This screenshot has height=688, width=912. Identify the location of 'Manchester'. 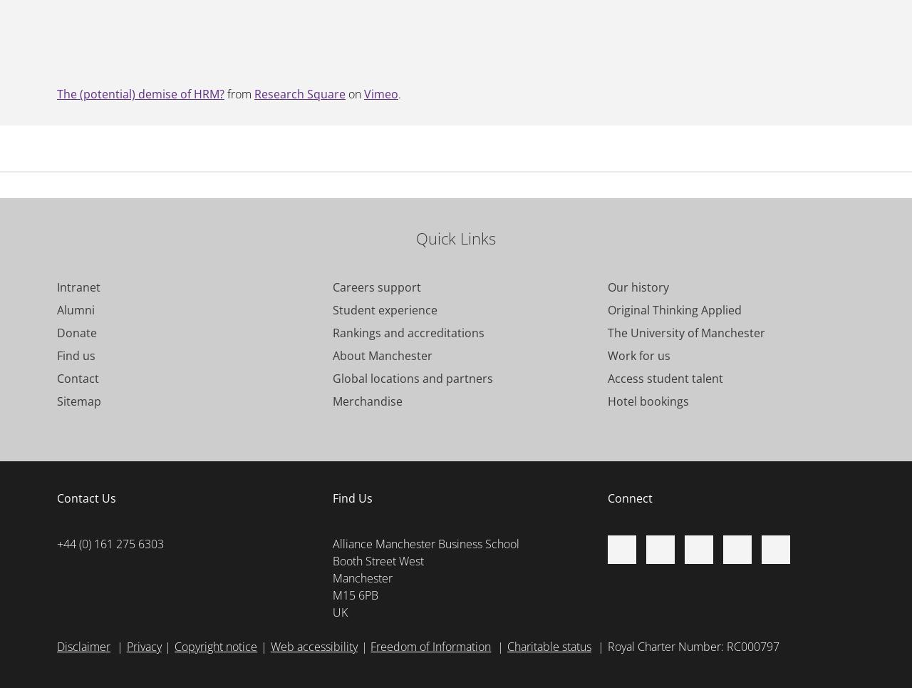
(362, 577).